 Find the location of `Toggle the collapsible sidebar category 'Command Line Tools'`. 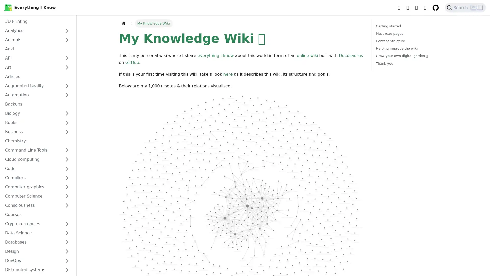

Toggle the collapsible sidebar category 'Command Line Tools' is located at coordinates (67, 150).